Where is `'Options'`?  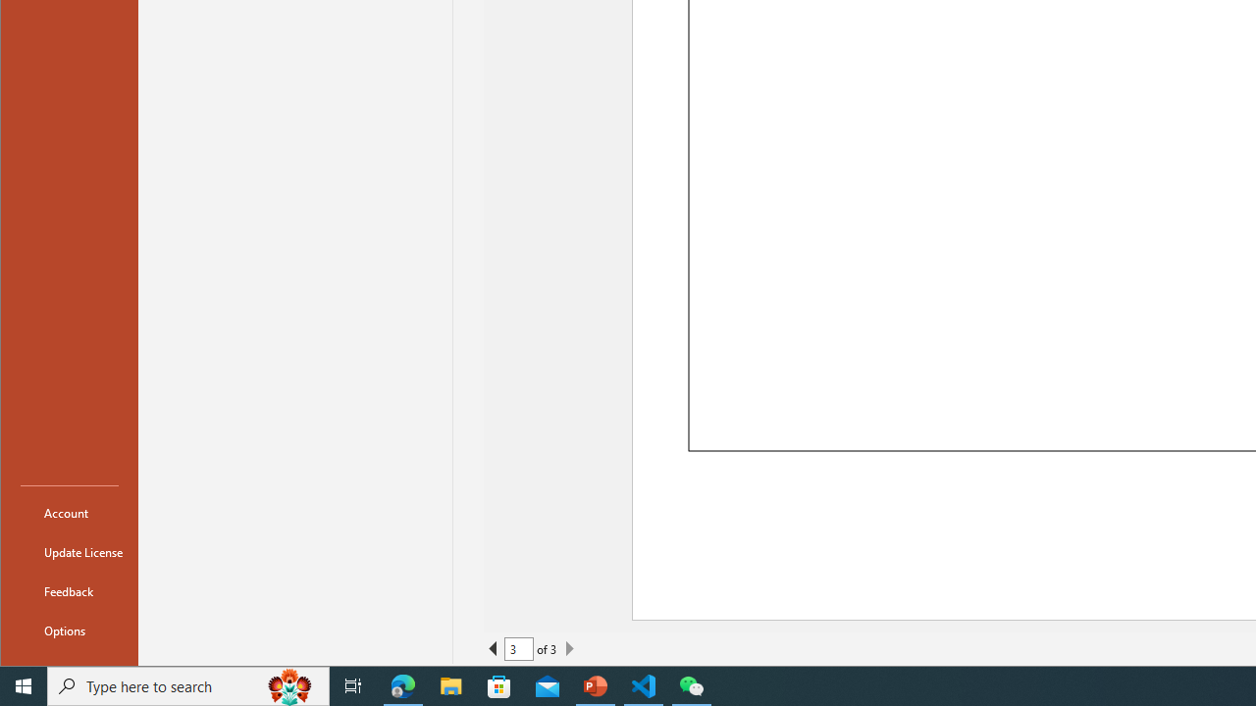 'Options' is located at coordinates (70, 630).